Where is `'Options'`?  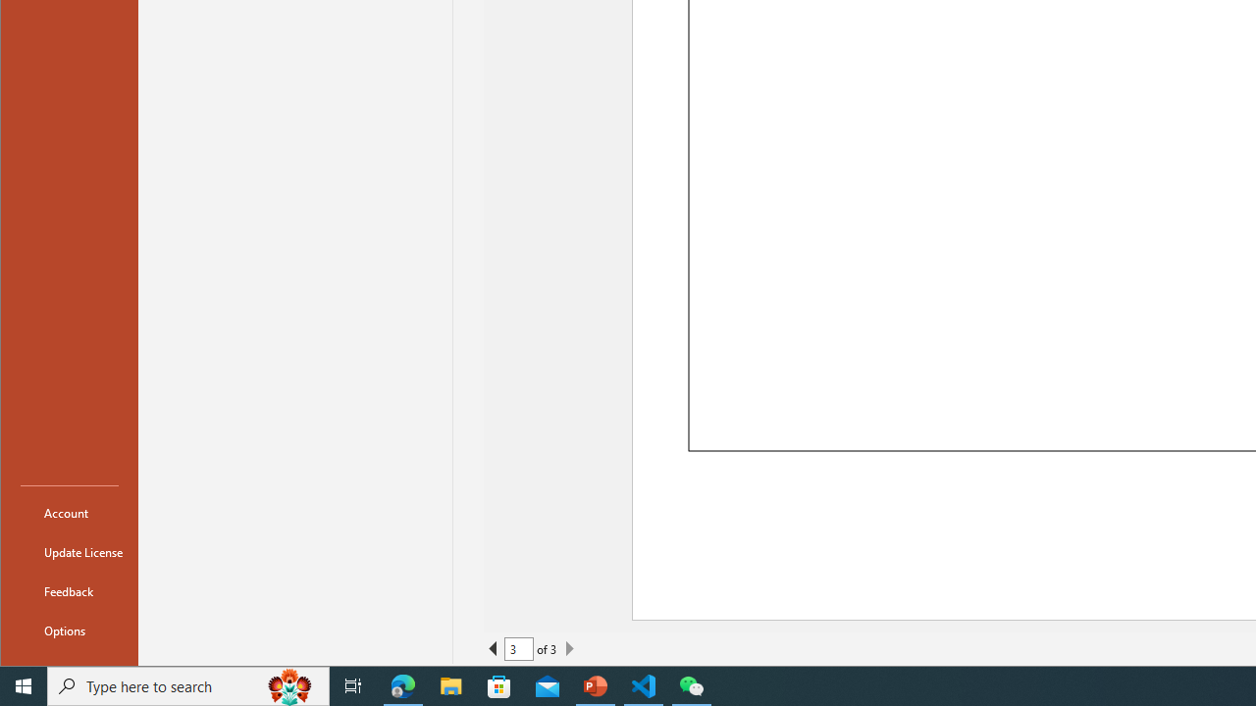 'Options' is located at coordinates (70, 630).